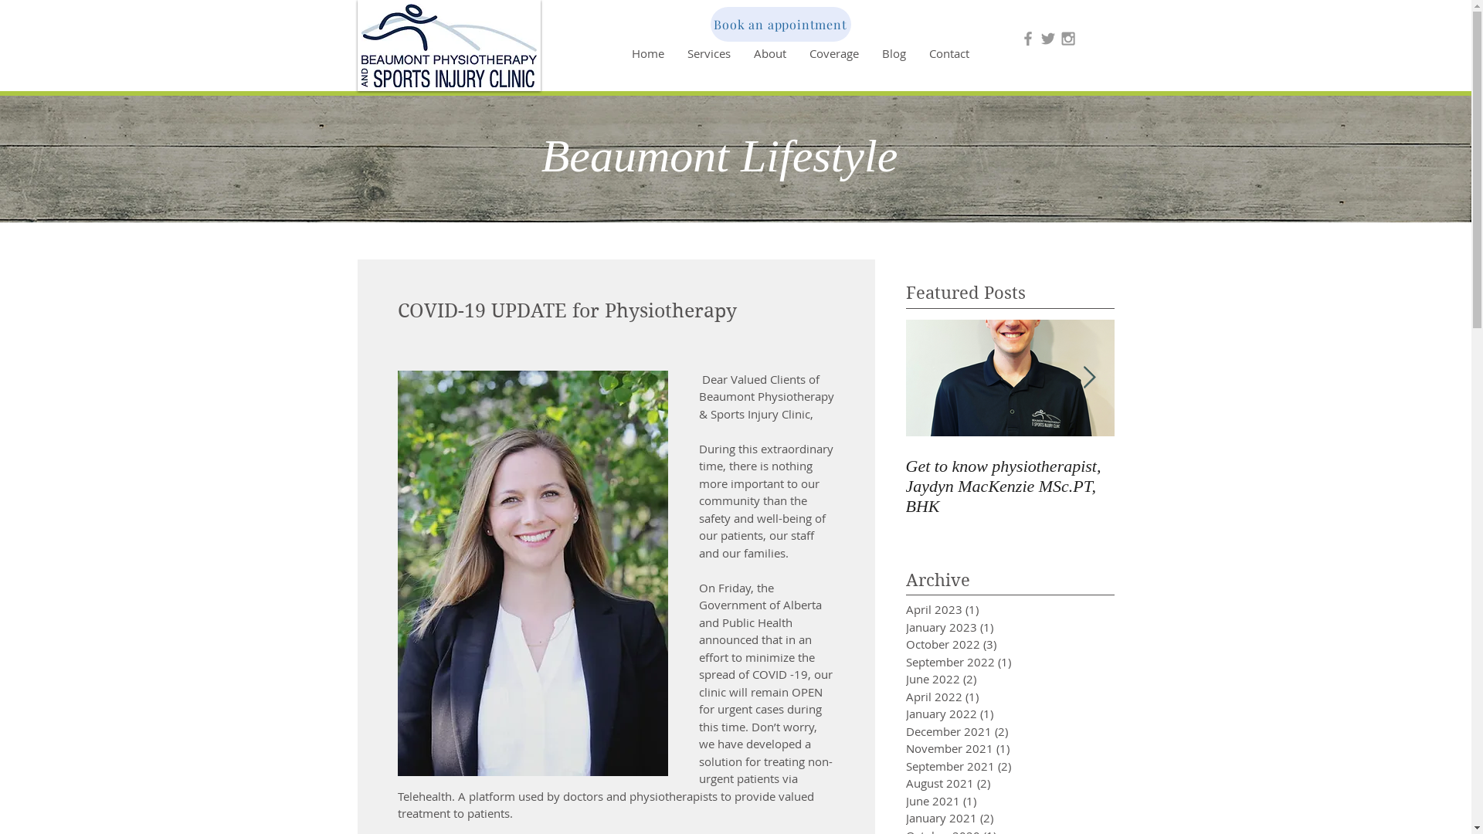 The image size is (1483, 834). I want to click on 'October 2022 (3)', so click(985, 644).